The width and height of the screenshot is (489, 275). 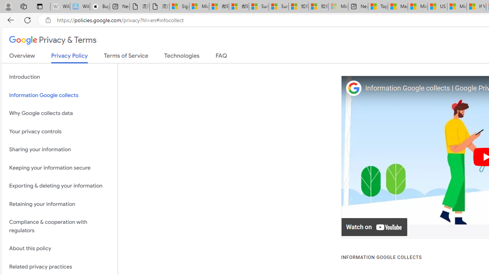 What do you see at coordinates (179, 6) in the screenshot?
I see `'Sign in to your Microsoft account'` at bounding box center [179, 6].